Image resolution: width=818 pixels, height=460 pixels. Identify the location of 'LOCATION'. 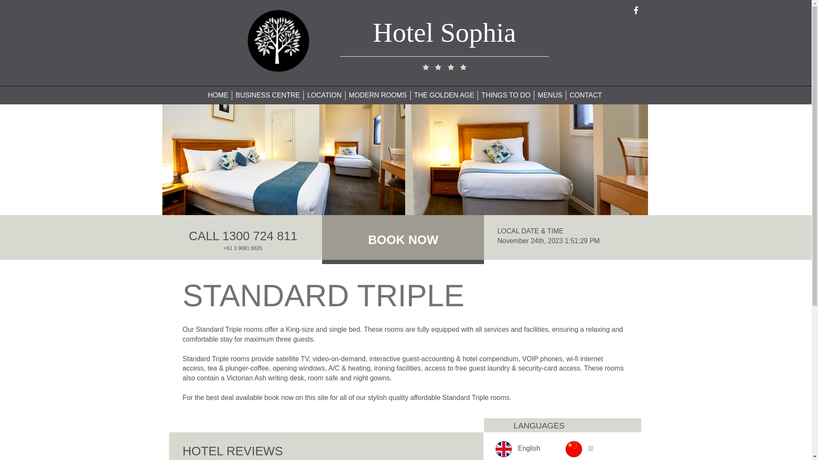
(324, 95).